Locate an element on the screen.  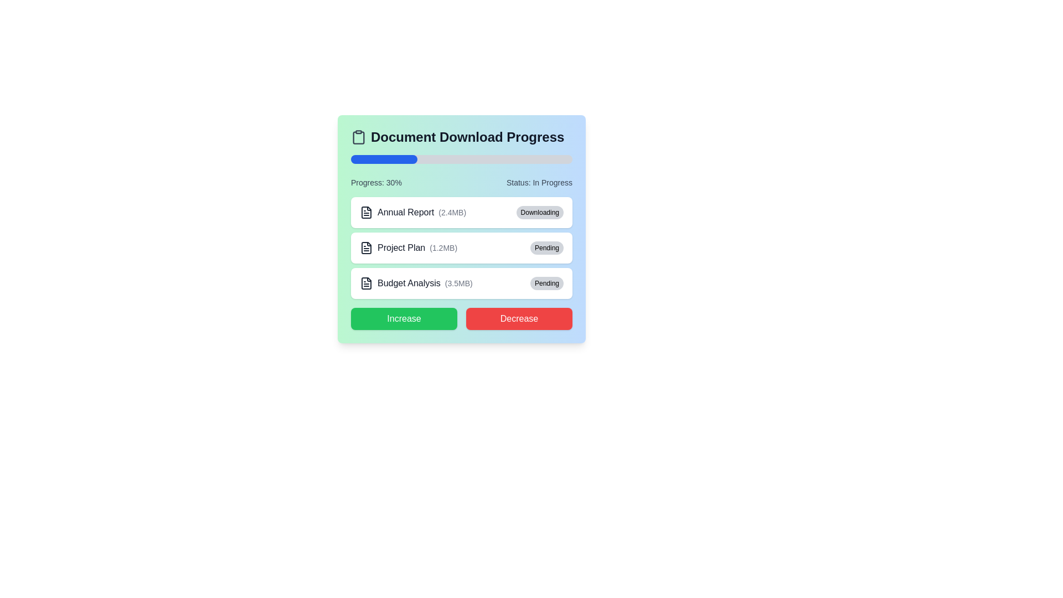
the static text label for 'Budget Analysis', which is centrally-aligned in the third row of a vertical list, following 'Annual Report' and 'Project Plan' is located at coordinates (409, 283).